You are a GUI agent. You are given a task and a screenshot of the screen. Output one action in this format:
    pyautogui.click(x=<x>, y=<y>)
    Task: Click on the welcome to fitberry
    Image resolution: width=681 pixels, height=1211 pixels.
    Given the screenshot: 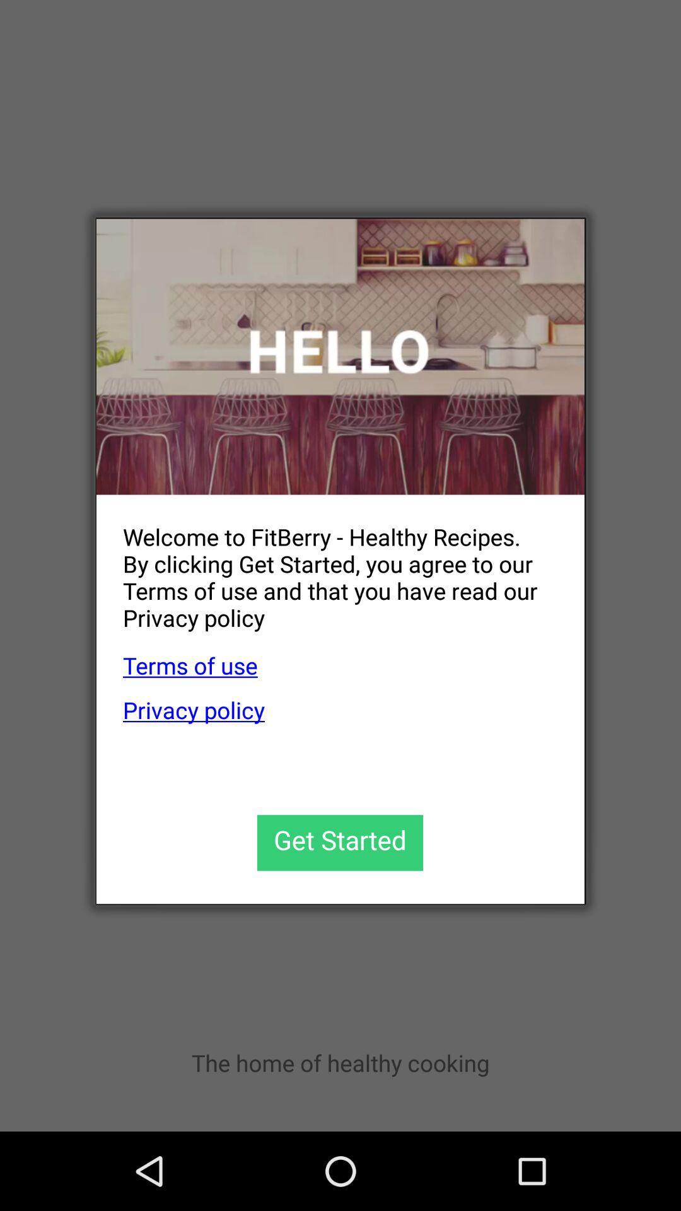 What is the action you would take?
    pyautogui.click(x=327, y=566)
    